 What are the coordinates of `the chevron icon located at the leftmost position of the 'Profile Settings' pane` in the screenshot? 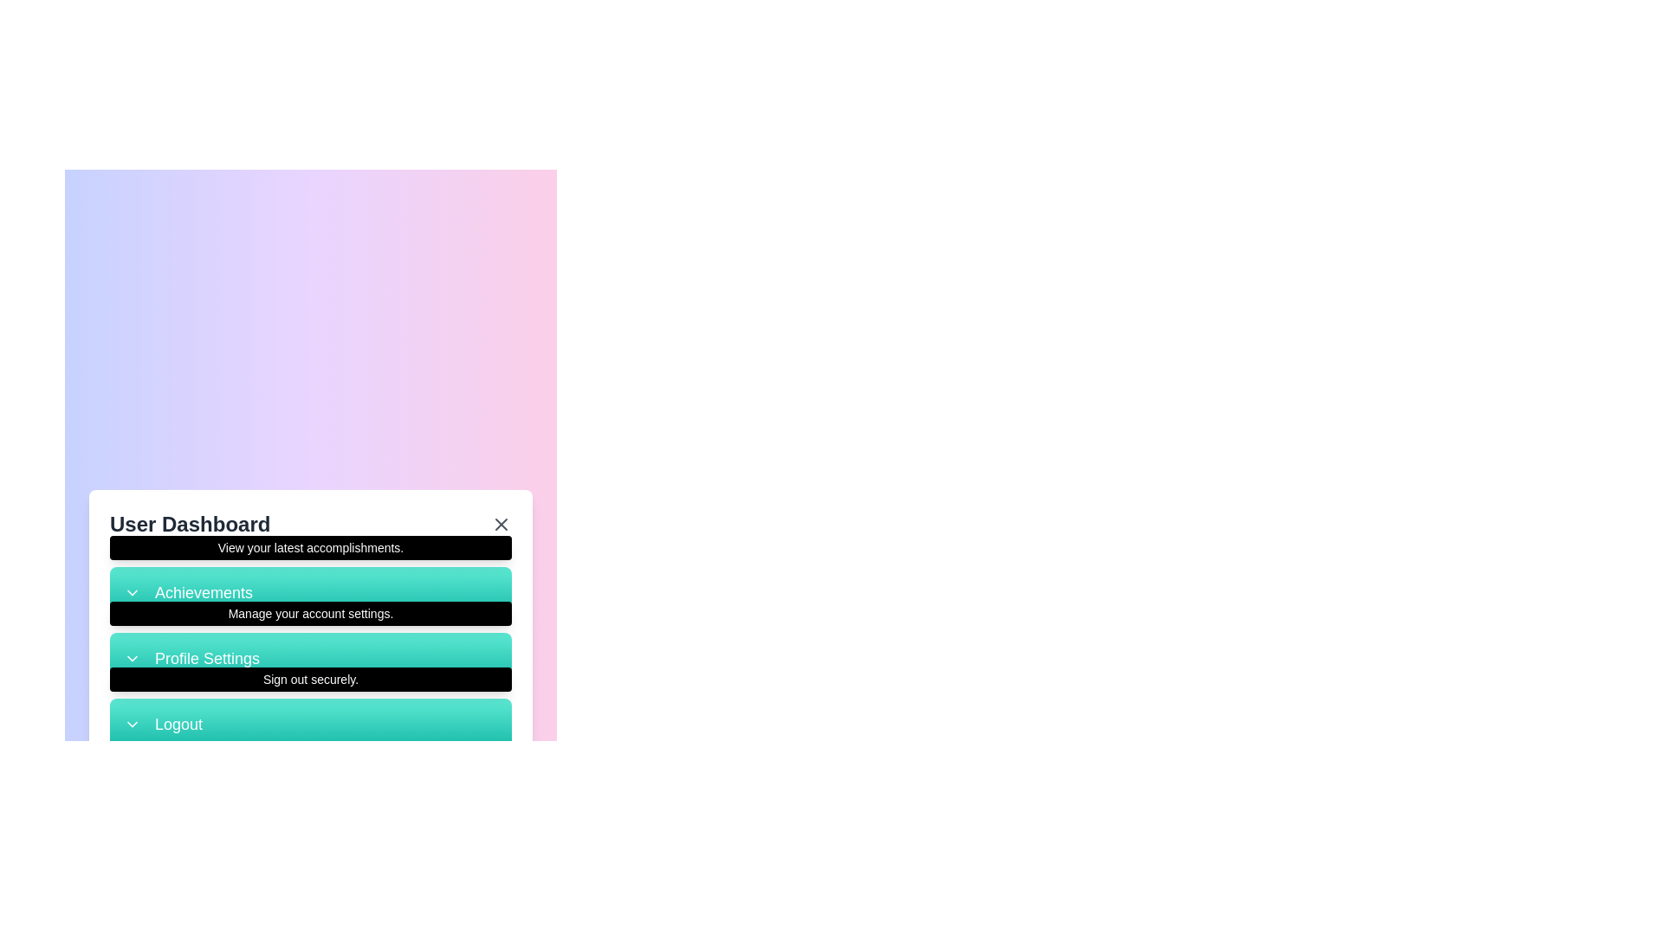 It's located at (132, 657).